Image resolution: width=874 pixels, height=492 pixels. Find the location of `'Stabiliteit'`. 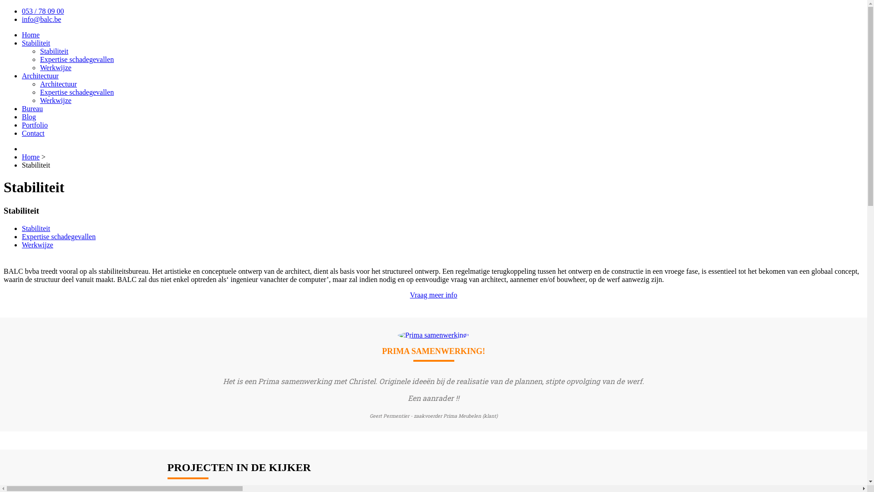

'Stabiliteit' is located at coordinates (36, 228).